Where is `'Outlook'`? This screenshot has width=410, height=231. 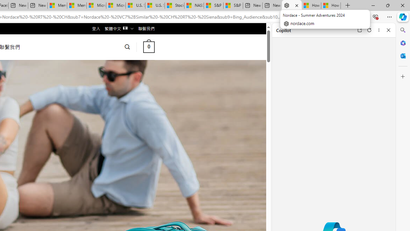
'Outlook' is located at coordinates (403, 56).